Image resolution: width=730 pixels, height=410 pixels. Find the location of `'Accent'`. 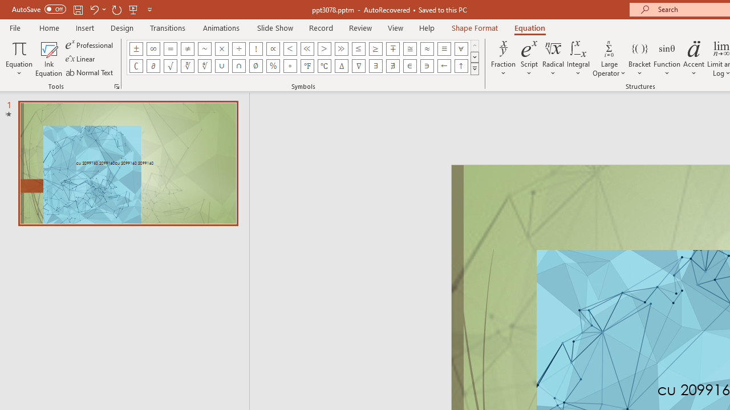

'Accent' is located at coordinates (693, 59).